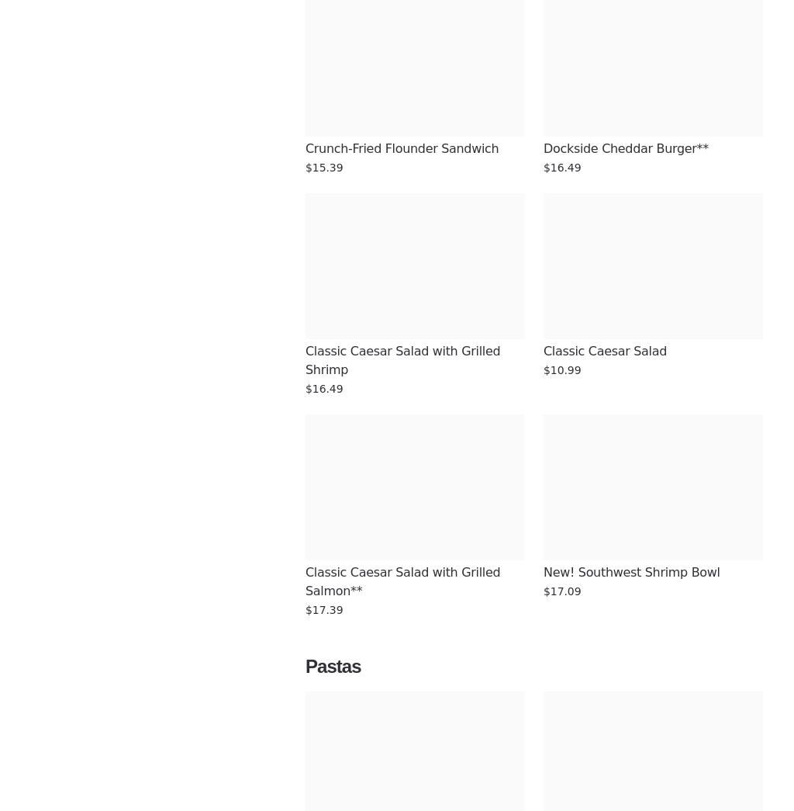 The image size is (794, 811). What do you see at coordinates (402, 148) in the screenshot?
I see `'Crunch-Fried Flounder Sandwich'` at bounding box center [402, 148].